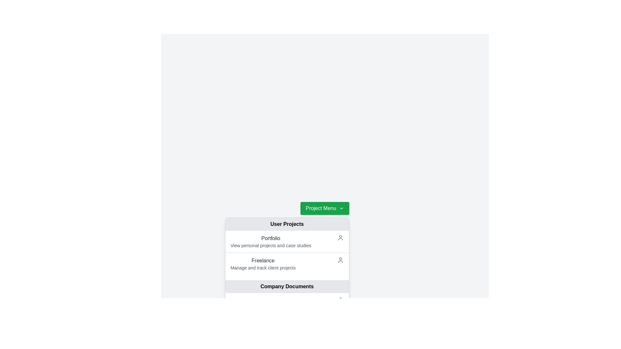 The height and width of the screenshot is (349, 621). What do you see at coordinates (340, 238) in the screenshot?
I see `the small gray icon resembling a simplistic user portrait located at the far-right edge of the 'Portfolio' row in the 'User Projects' menu` at bounding box center [340, 238].